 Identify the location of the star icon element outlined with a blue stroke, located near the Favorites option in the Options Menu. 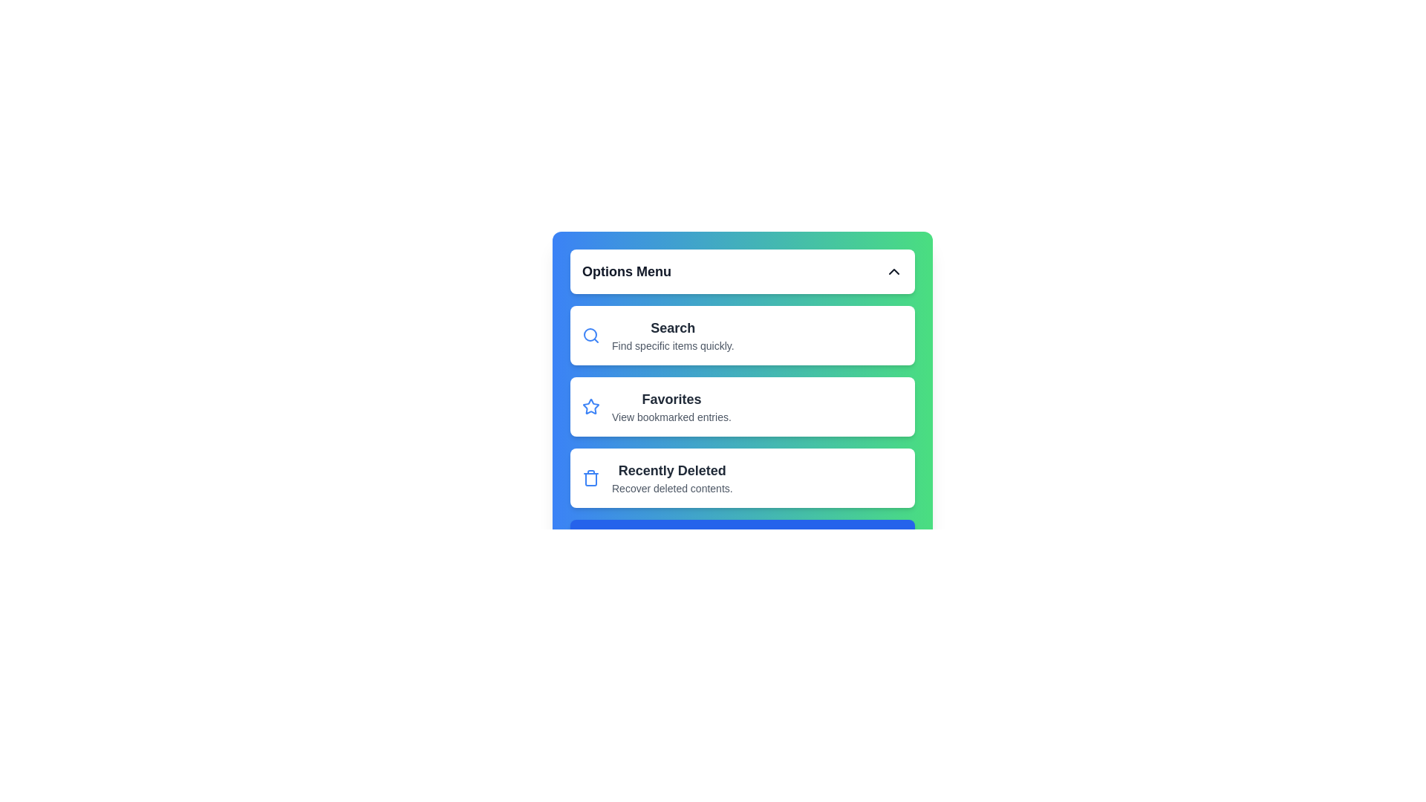
(590, 406).